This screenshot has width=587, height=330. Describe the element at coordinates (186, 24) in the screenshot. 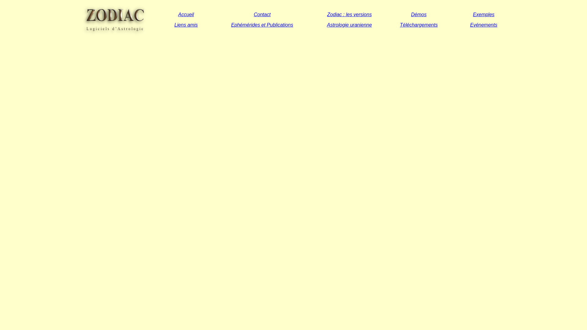

I see `'Liens amis'` at that location.